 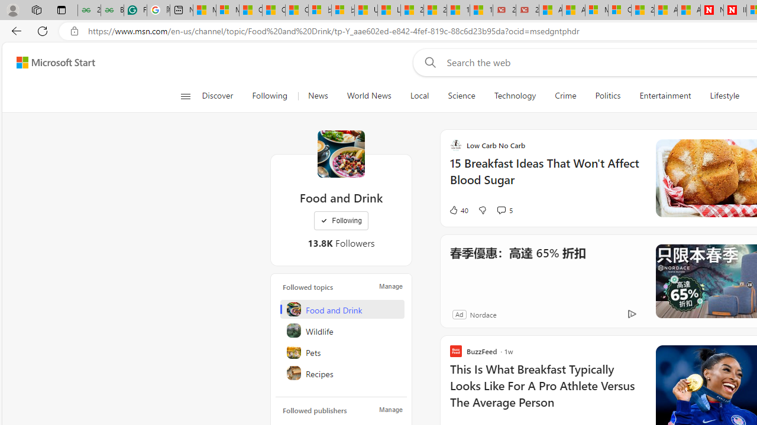 What do you see at coordinates (527, 10) in the screenshot?
I see `'21 Movies That Outdid the Books They Were Based On'` at bounding box center [527, 10].